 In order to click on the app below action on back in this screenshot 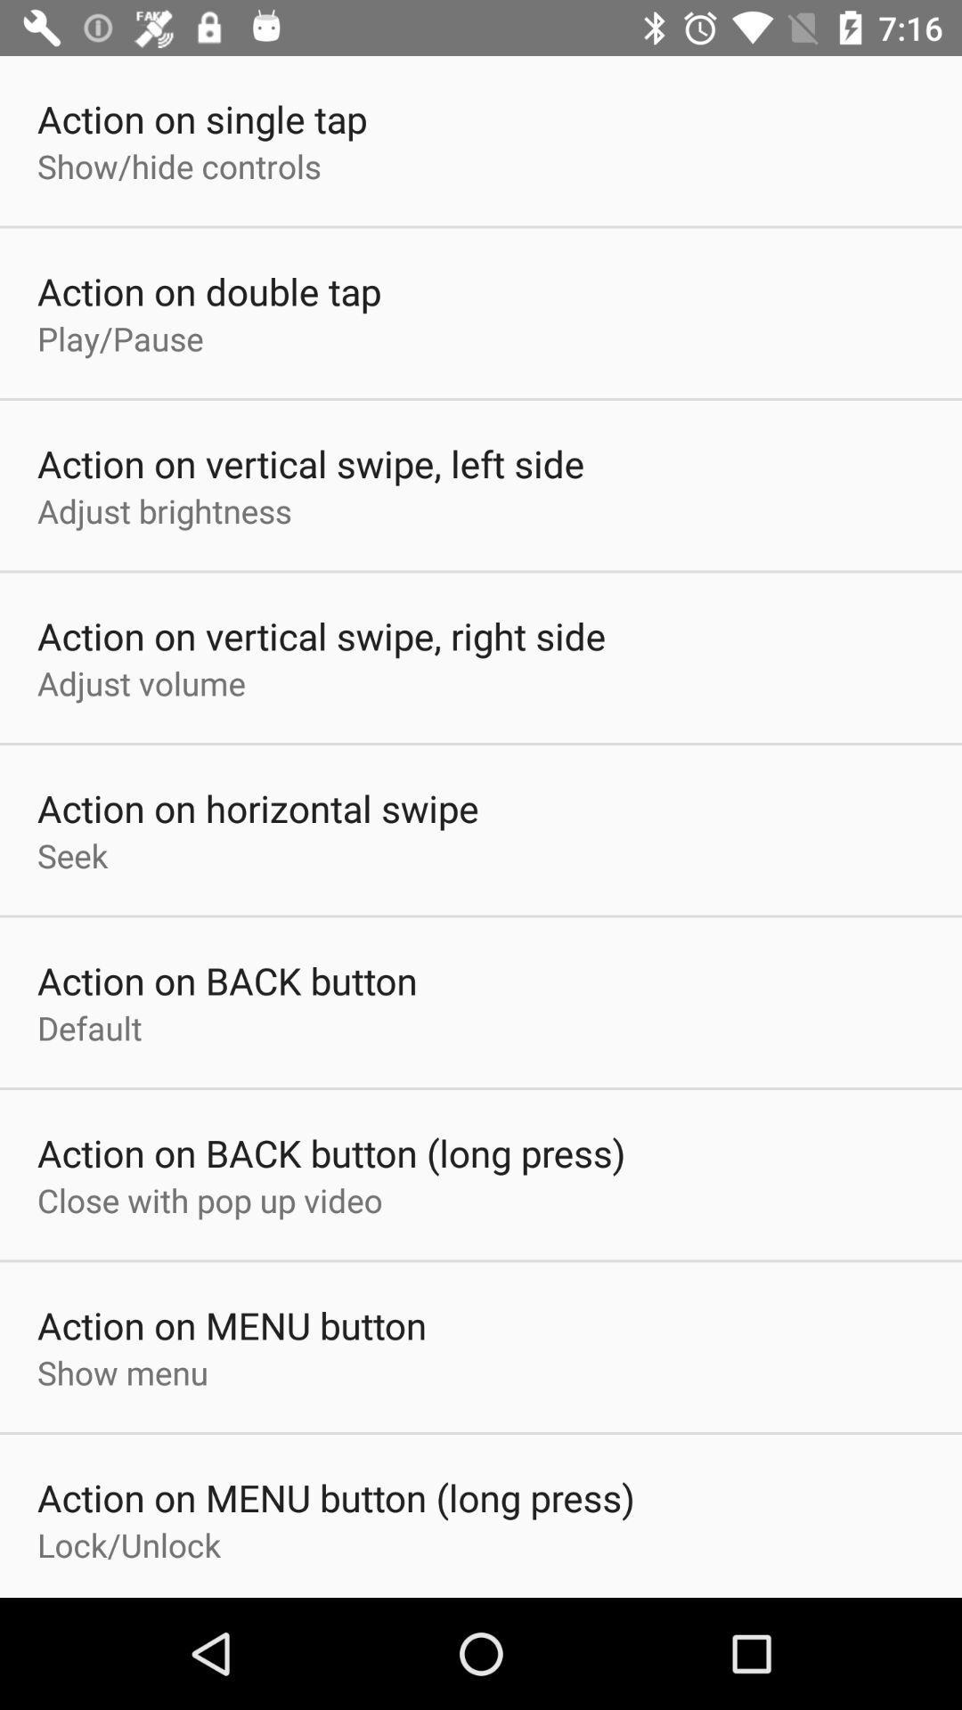, I will do `click(89, 1028)`.